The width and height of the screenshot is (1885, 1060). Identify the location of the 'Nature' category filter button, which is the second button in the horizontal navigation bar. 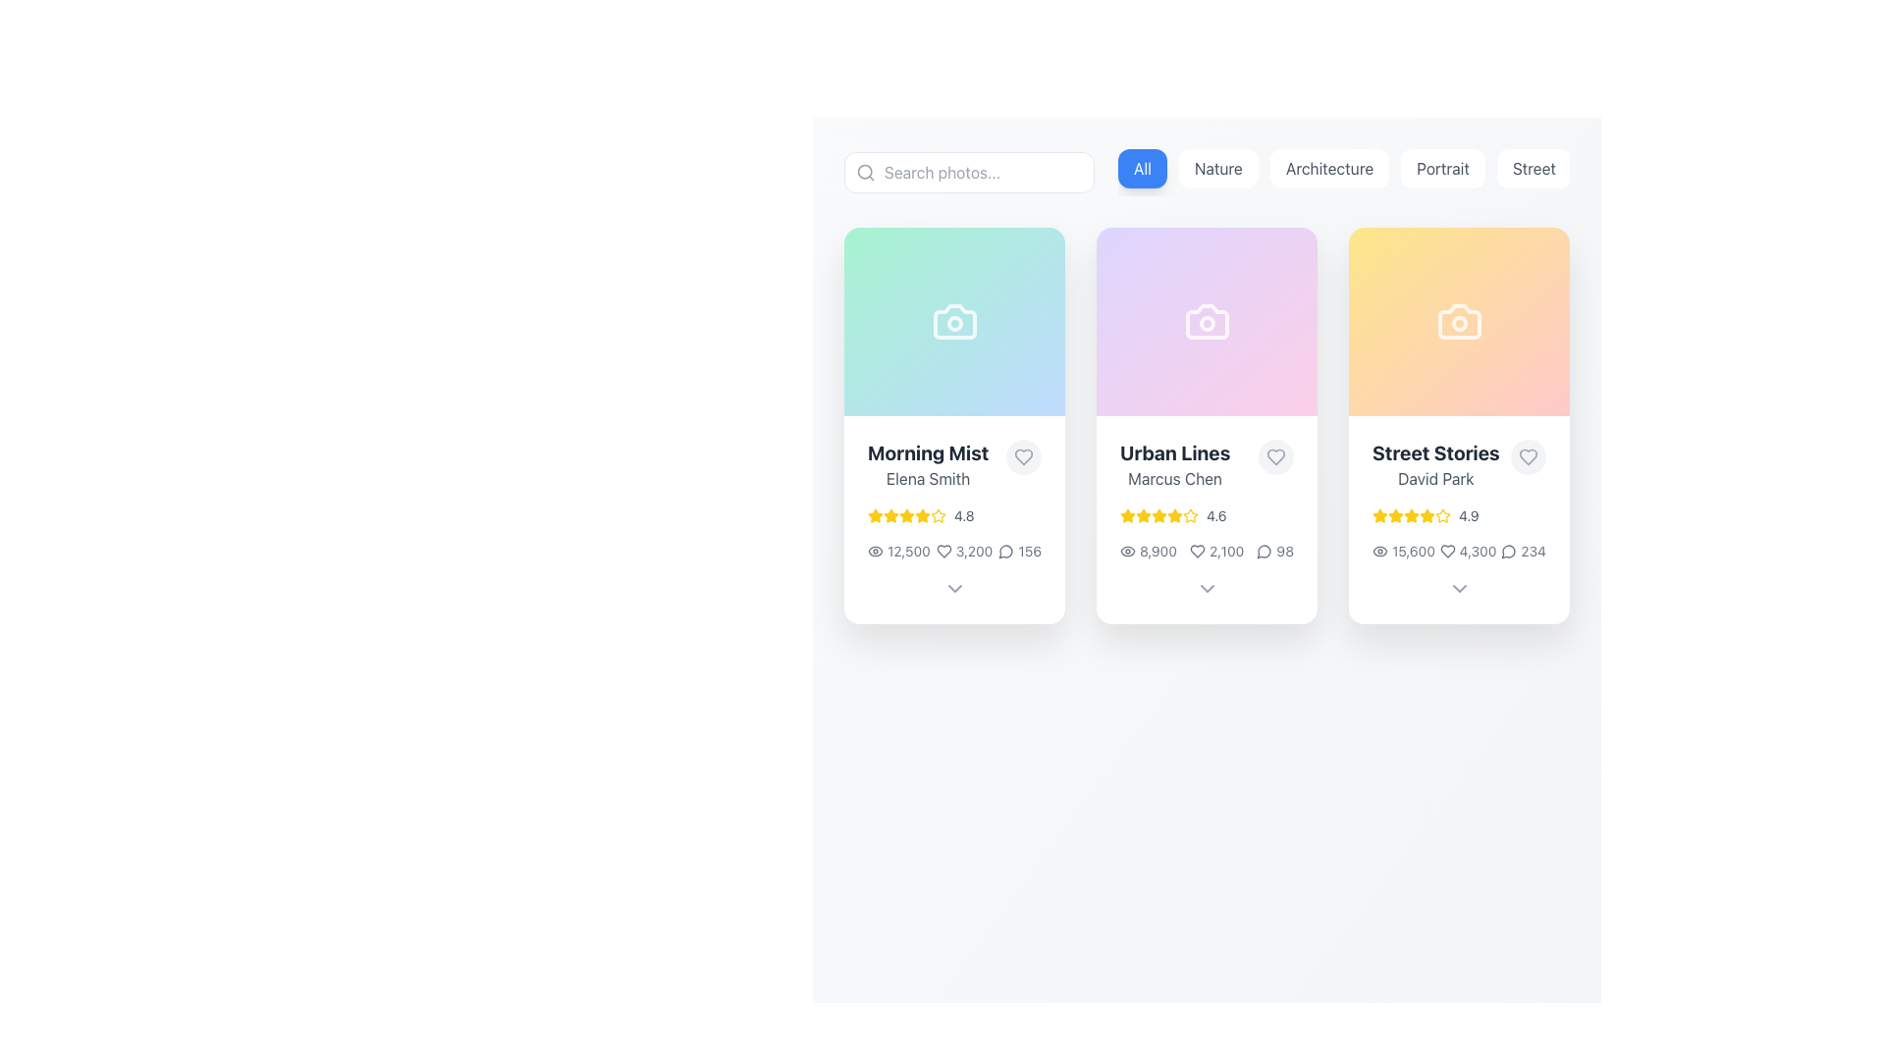
(1217, 168).